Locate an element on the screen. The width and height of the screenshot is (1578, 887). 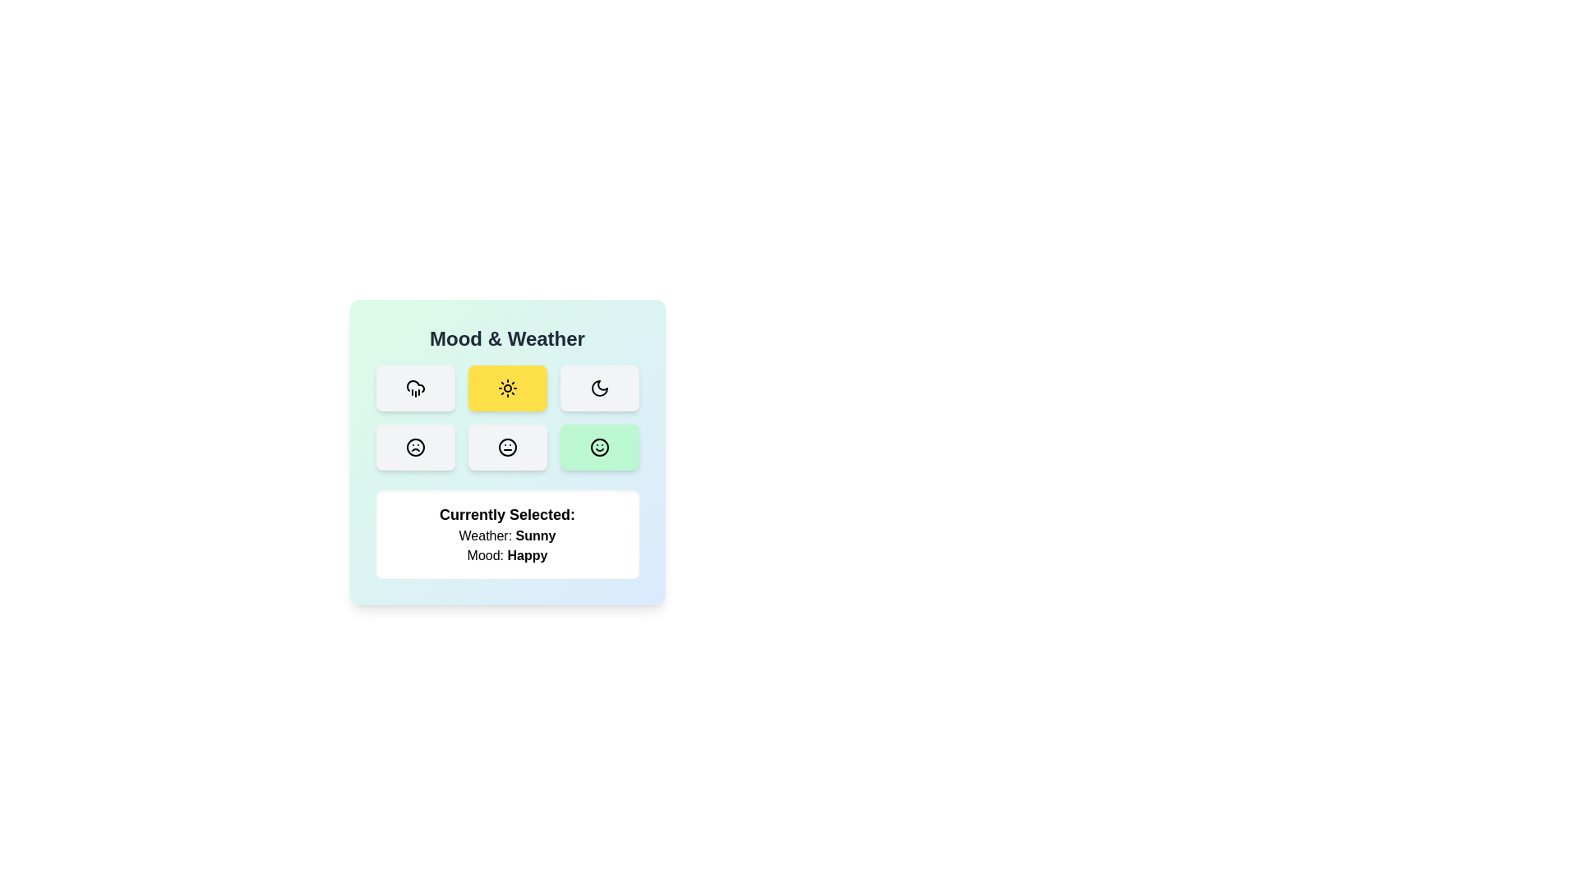
the 'Sunny' text label that indicates the currently selected weather condition in the 'Currently Selected' section is located at coordinates (536, 535).